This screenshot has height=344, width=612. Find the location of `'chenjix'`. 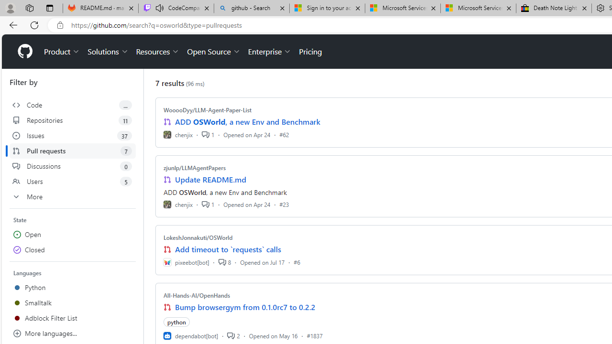

'chenjix' is located at coordinates (178, 204).